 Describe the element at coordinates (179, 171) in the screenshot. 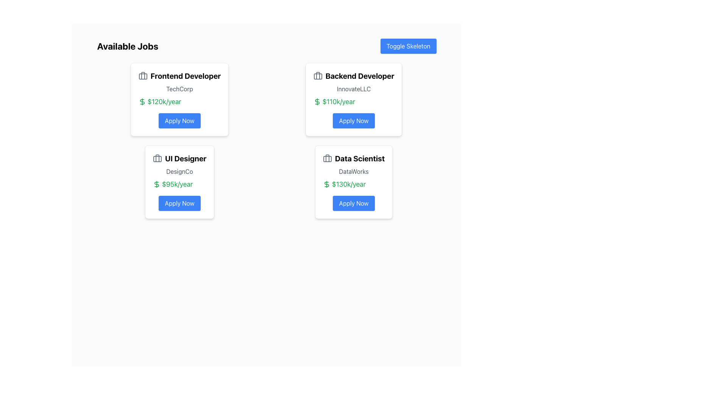

I see `the informational text label indicating the company name 'DesignCo' located in the second card from the top left of the job postings grid, below the job title 'UI Designer' and above the salary description '$95k/year'` at that location.